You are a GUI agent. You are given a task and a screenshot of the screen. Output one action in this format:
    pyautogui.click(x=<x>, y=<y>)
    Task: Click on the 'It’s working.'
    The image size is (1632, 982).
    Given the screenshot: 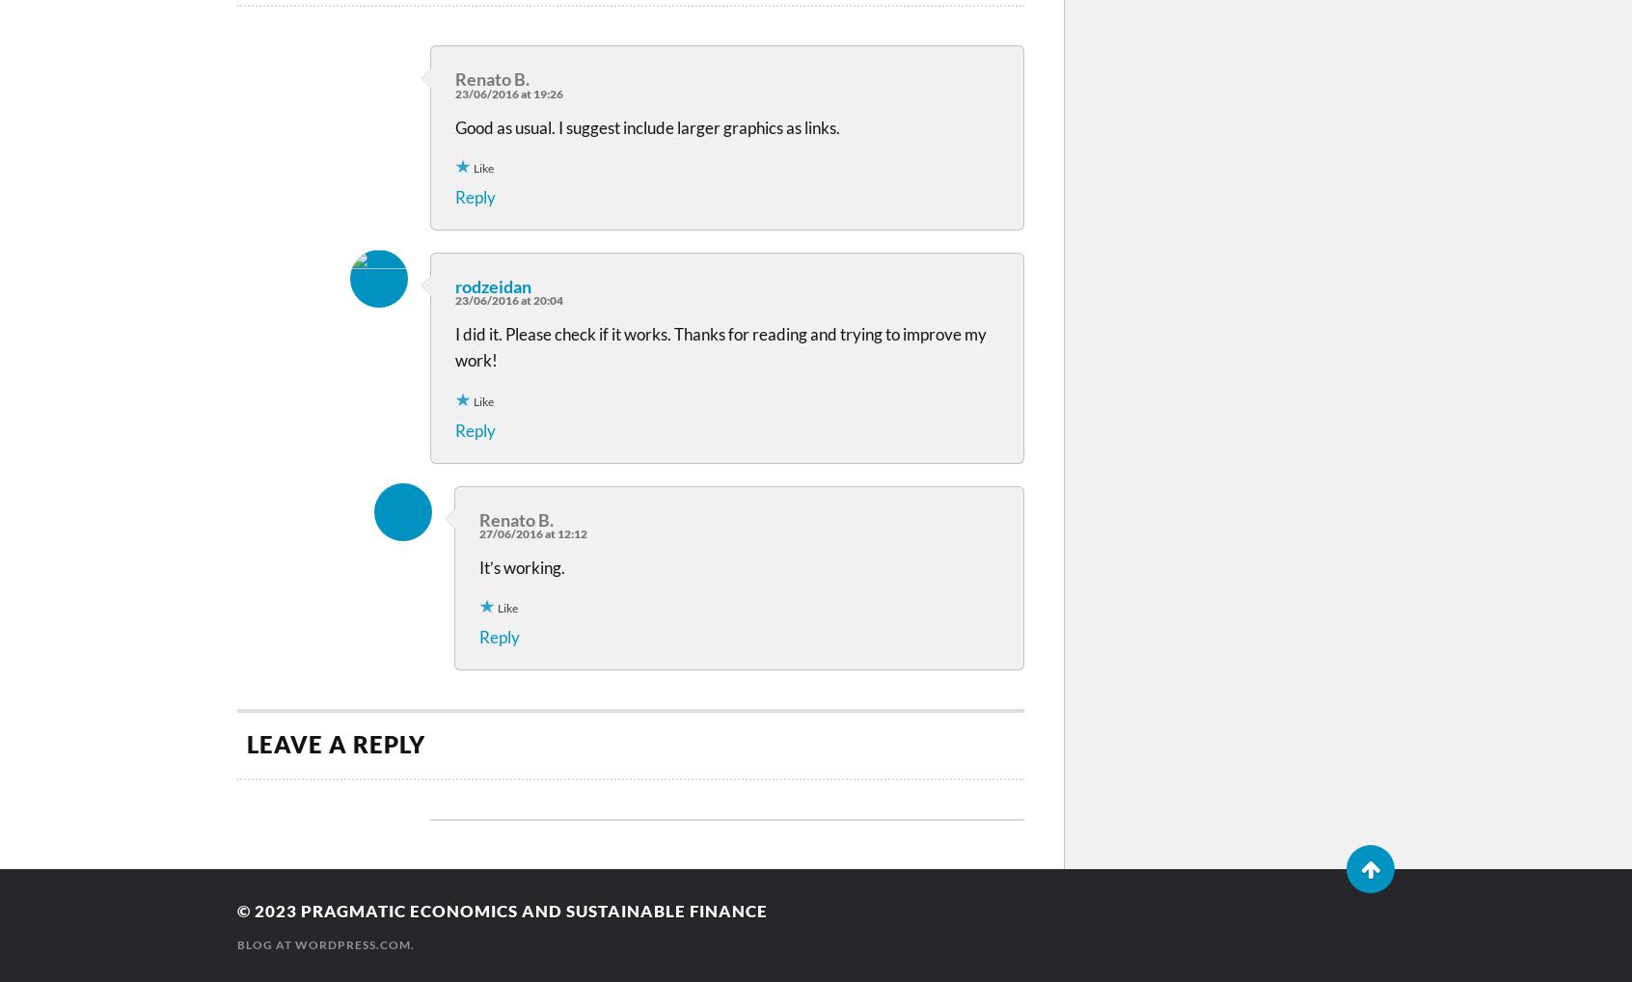 What is the action you would take?
    pyautogui.click(x=522, y=566)
    